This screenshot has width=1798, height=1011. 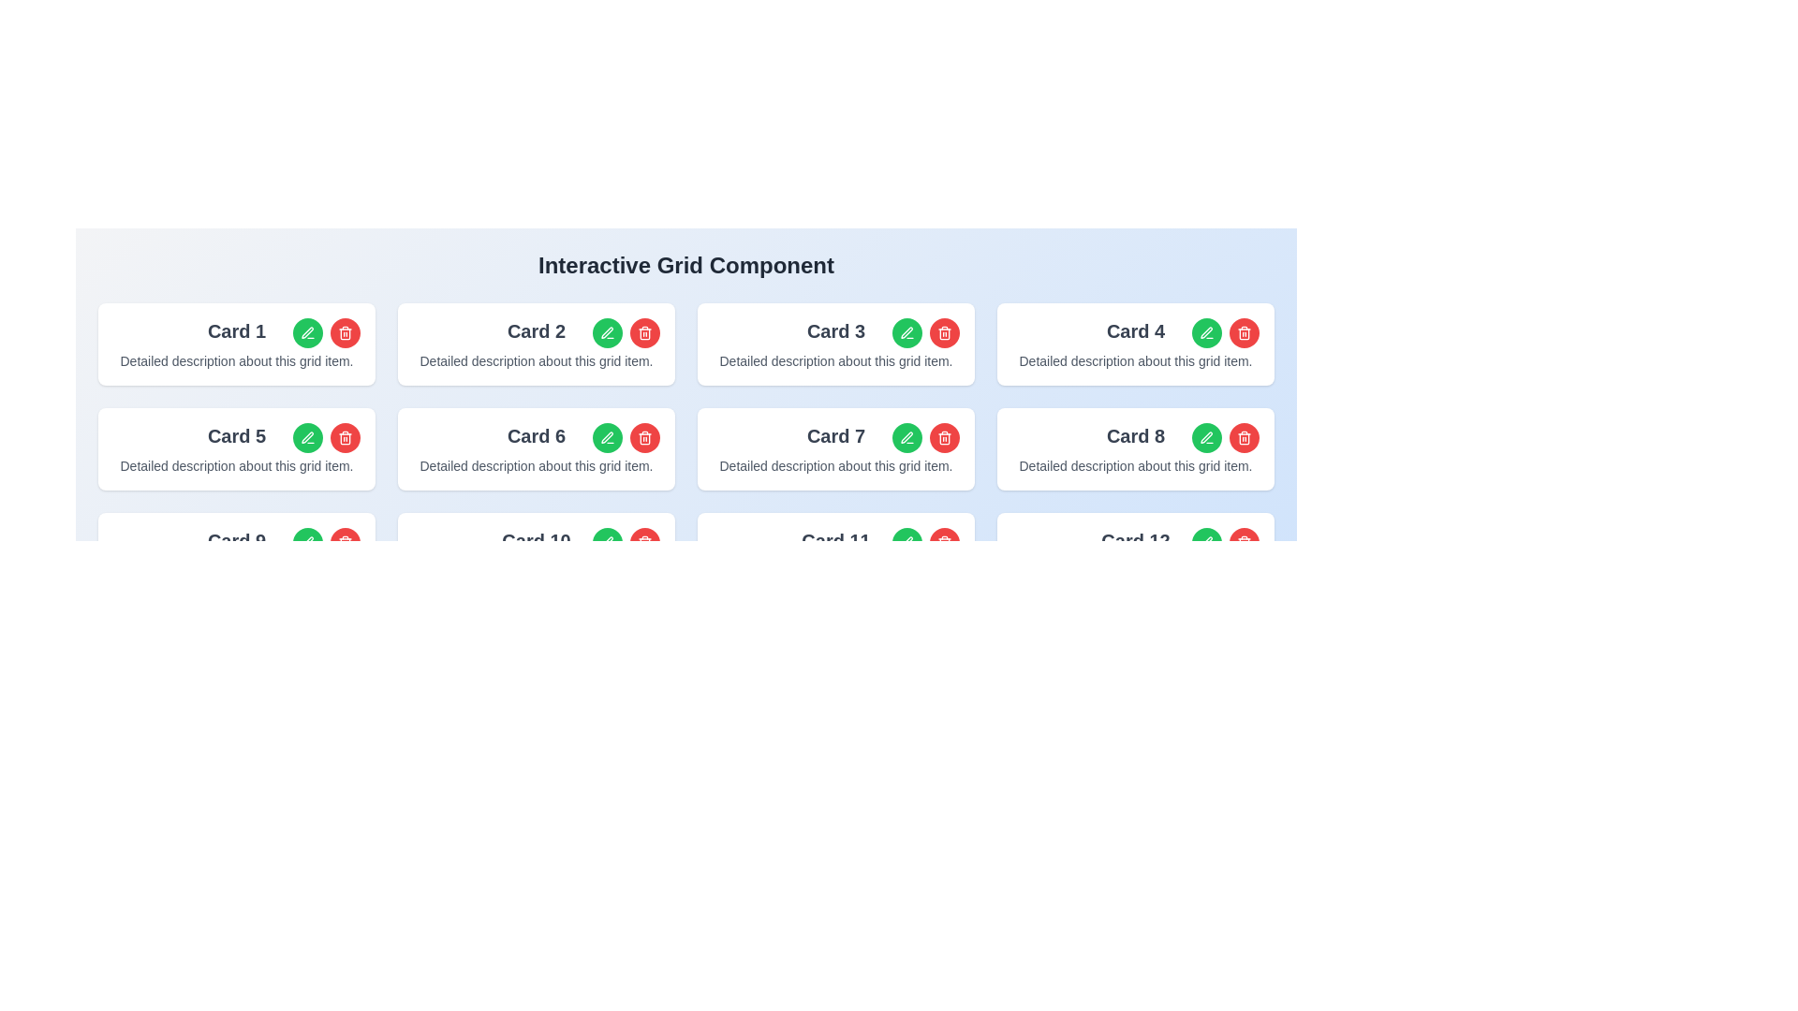 I want to click on the title text located in the second card of the grid layout, which is positioned directly below the header 'Interactive Grid Component', so click(x=535, y=330).